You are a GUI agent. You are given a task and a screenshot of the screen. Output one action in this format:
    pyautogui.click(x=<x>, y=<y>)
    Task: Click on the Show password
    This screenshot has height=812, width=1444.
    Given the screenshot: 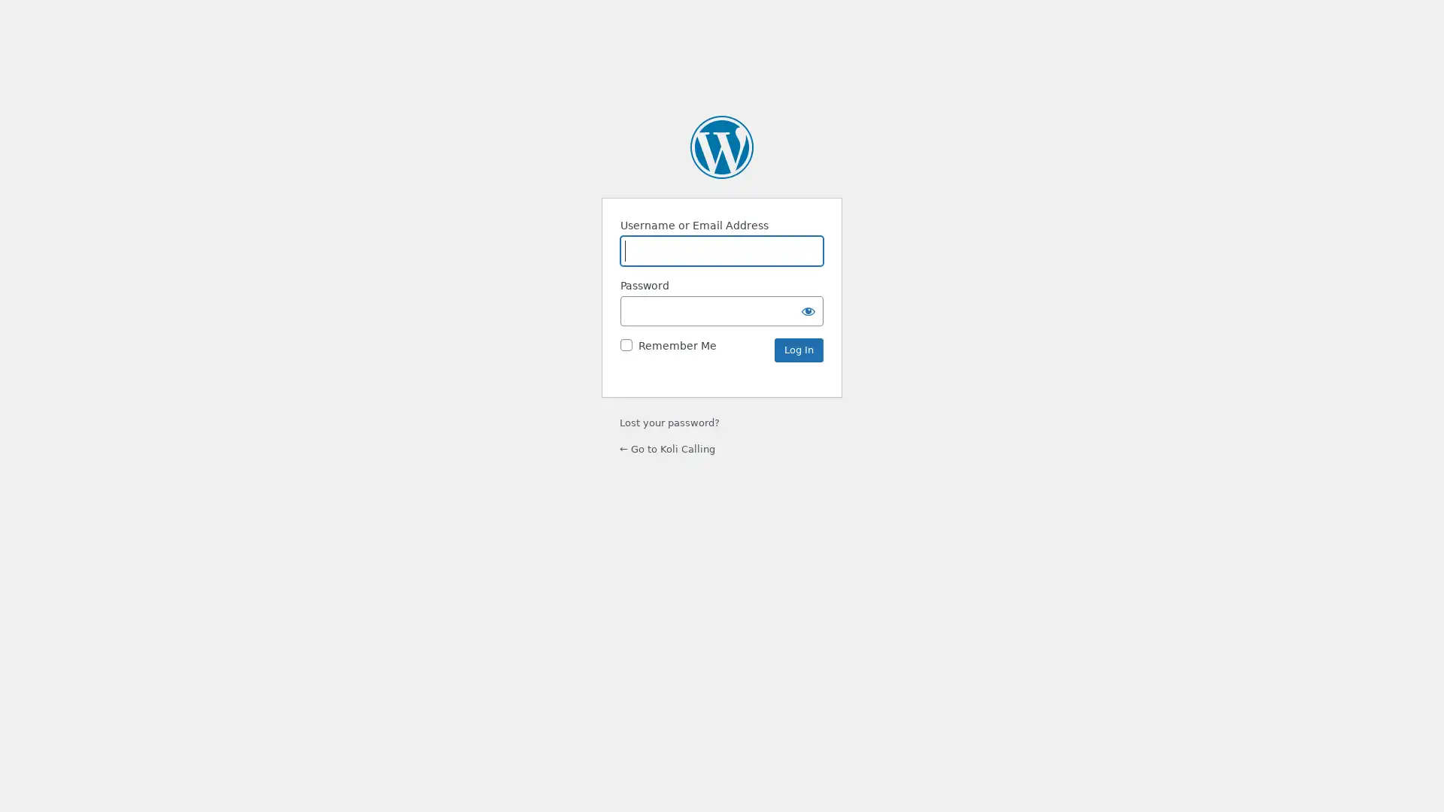 What is the action you would take?
    pyautogui.click(x=808, y=309)
    